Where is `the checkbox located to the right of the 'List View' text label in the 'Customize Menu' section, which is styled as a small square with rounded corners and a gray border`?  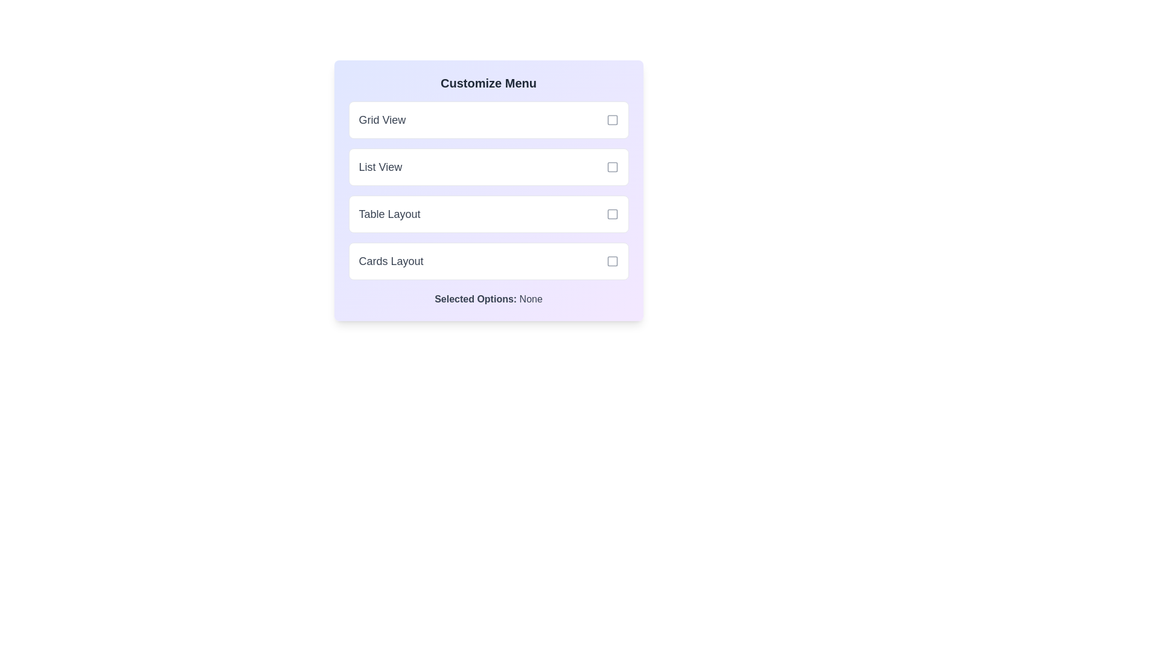
the checkbox located to the right of the 'List View' text label in the 'Customize Menu' section, which is styled as a small square with rounded corners and a gray border is located at coordinates (612, 167).